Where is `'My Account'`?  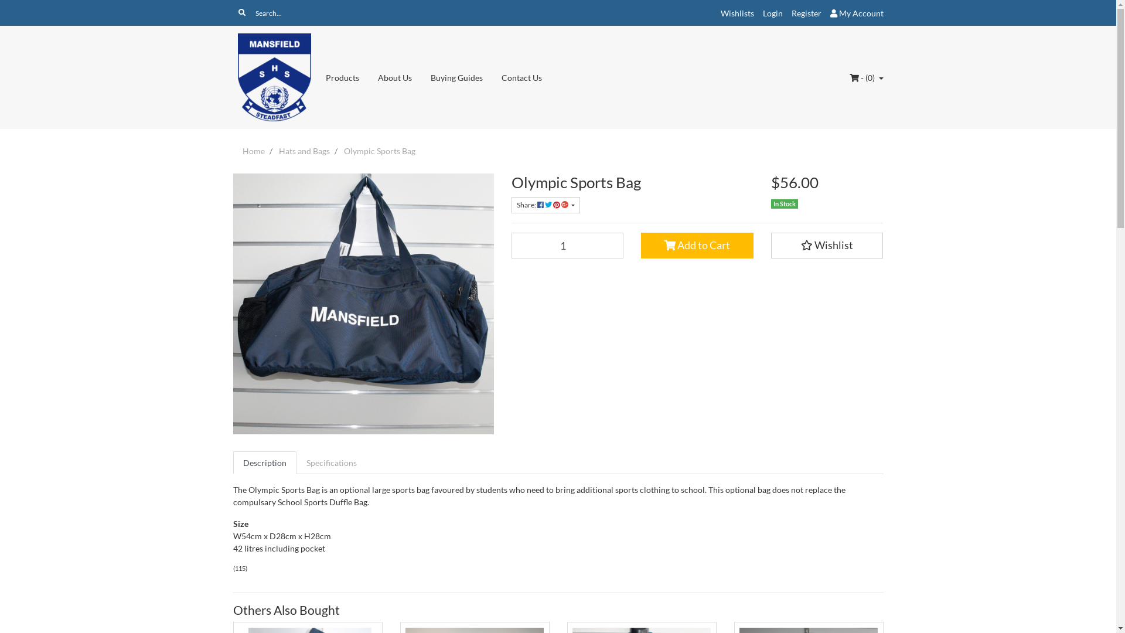 'My Account' is located at coordinates (856, 13).